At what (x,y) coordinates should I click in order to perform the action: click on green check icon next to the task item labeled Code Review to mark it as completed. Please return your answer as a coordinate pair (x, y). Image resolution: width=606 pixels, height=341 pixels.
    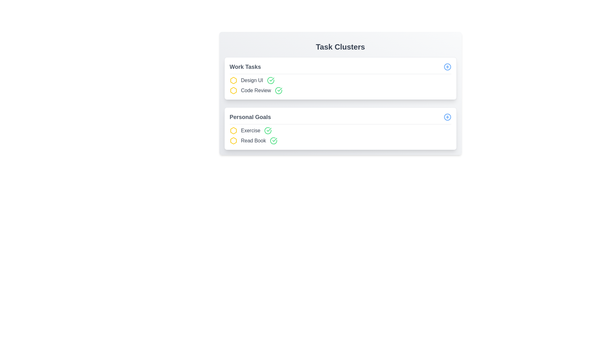
    Looking at the image, I should click on (278, 90).